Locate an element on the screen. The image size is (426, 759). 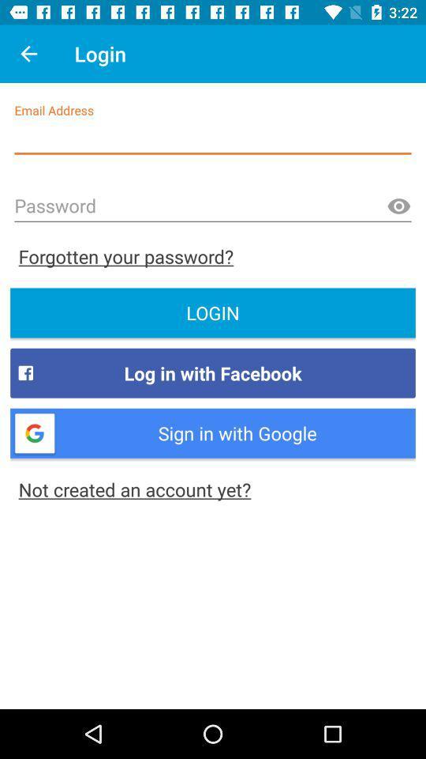
email column is located at coordinates (213, 138).